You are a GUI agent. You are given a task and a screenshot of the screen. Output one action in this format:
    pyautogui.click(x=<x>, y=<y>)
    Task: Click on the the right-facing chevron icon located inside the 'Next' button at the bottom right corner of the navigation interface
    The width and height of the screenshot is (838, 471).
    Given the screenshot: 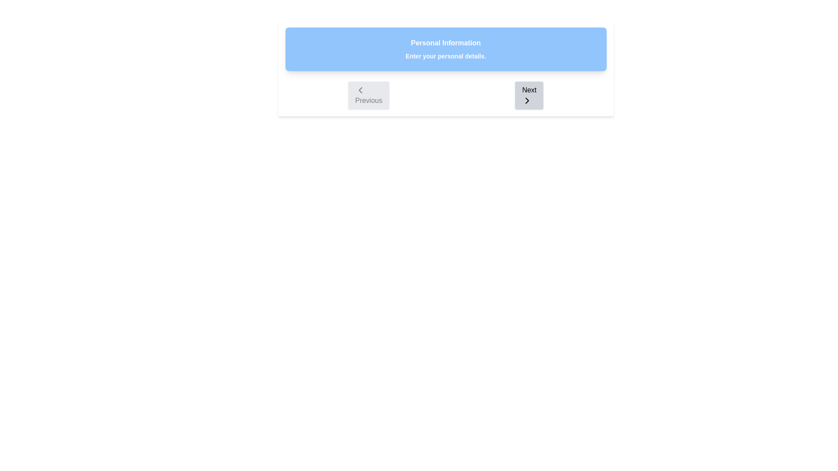 What is the action you would take?
    pyautogui.click(x=527, y=100)
    